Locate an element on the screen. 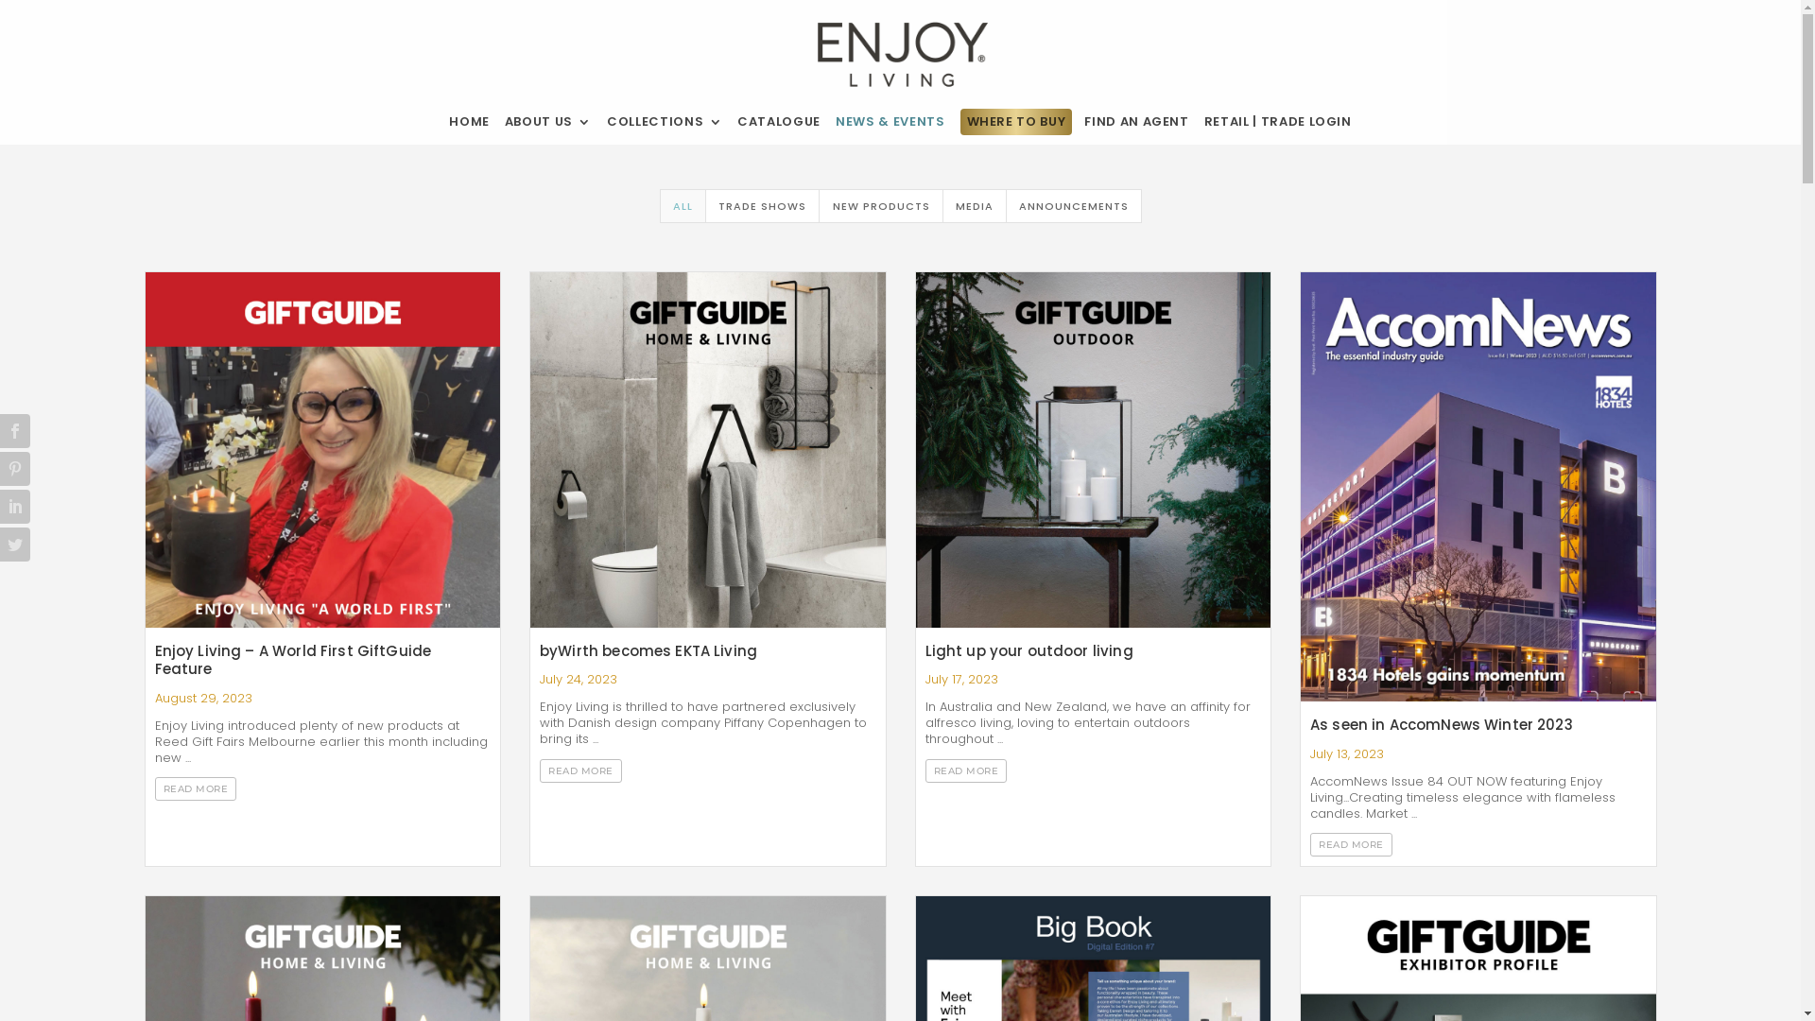 Image resolution: width=1815 pixels, height=1021 pixels. 'HOME' is located at coordinates (469, 121).